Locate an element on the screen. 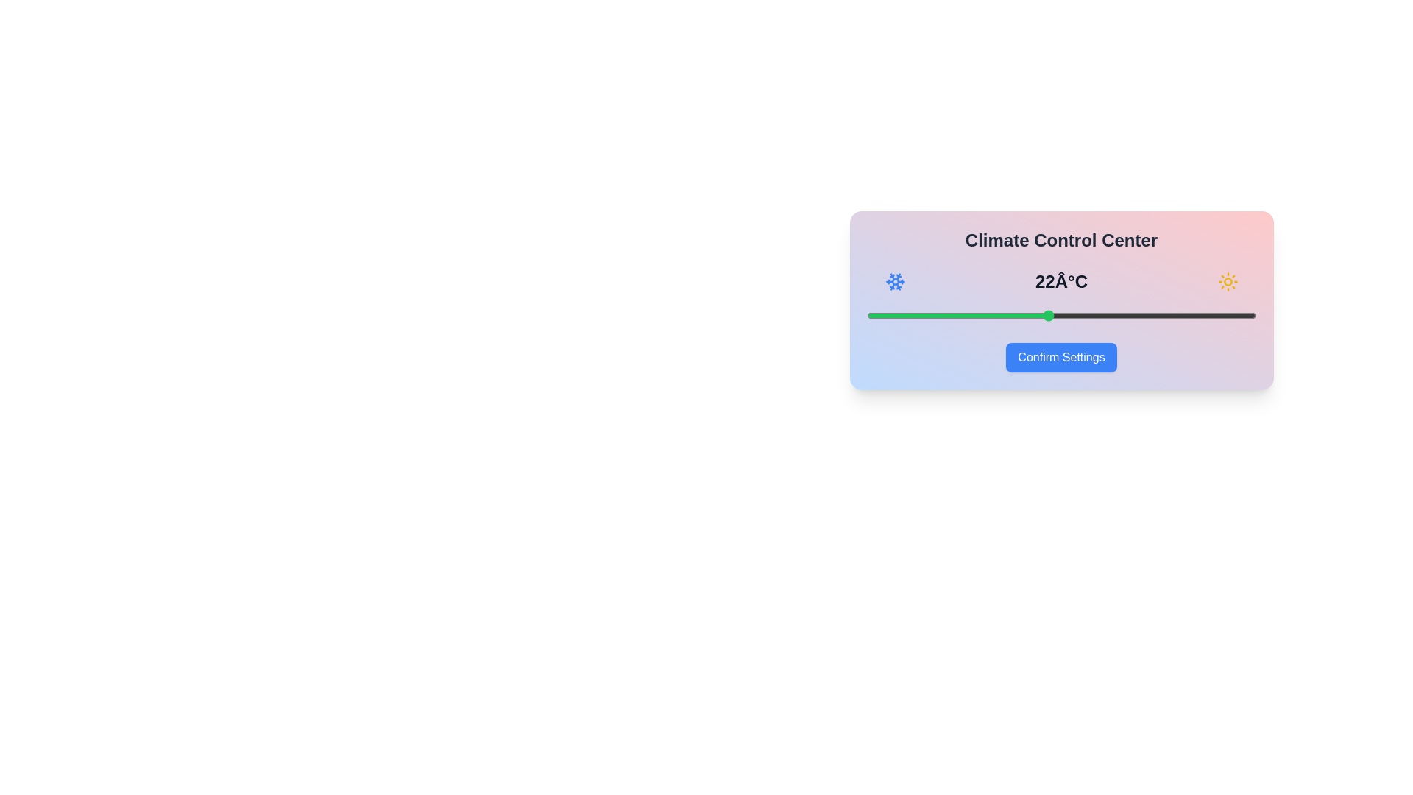  the temperature to 15°C using the slider is located at coordinates (867, 314).